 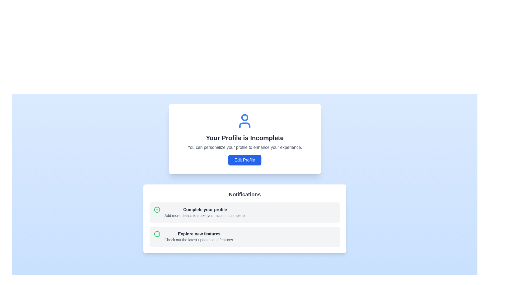 I want to click on the circular icon with a green outline and white fill, which is part of the 'Explore new features' section in the lower notifications area, so click(x=157, y=209).